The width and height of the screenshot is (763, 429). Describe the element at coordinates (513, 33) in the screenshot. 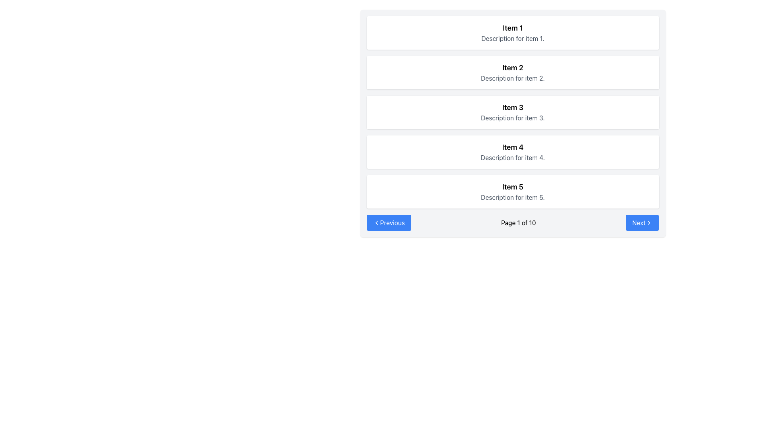

I see `the first card in the vertical grid which presents an item title and its description` at that location.